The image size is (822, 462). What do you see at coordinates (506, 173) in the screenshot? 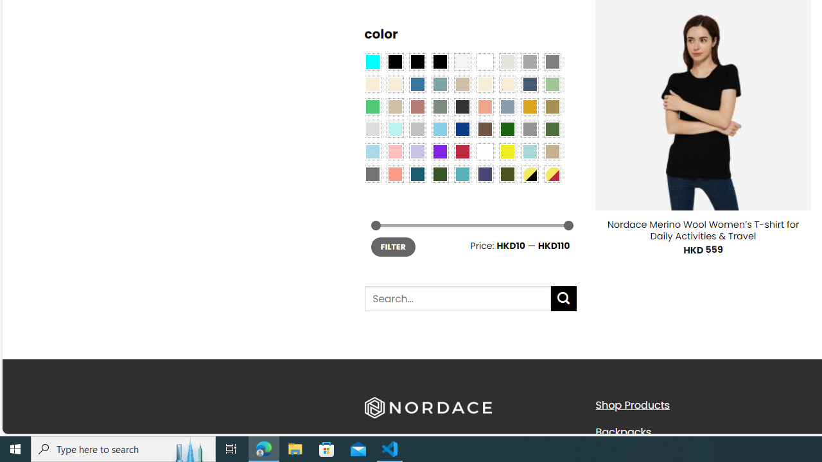
I see `'Army Green'` at bounding box center [506, 173].